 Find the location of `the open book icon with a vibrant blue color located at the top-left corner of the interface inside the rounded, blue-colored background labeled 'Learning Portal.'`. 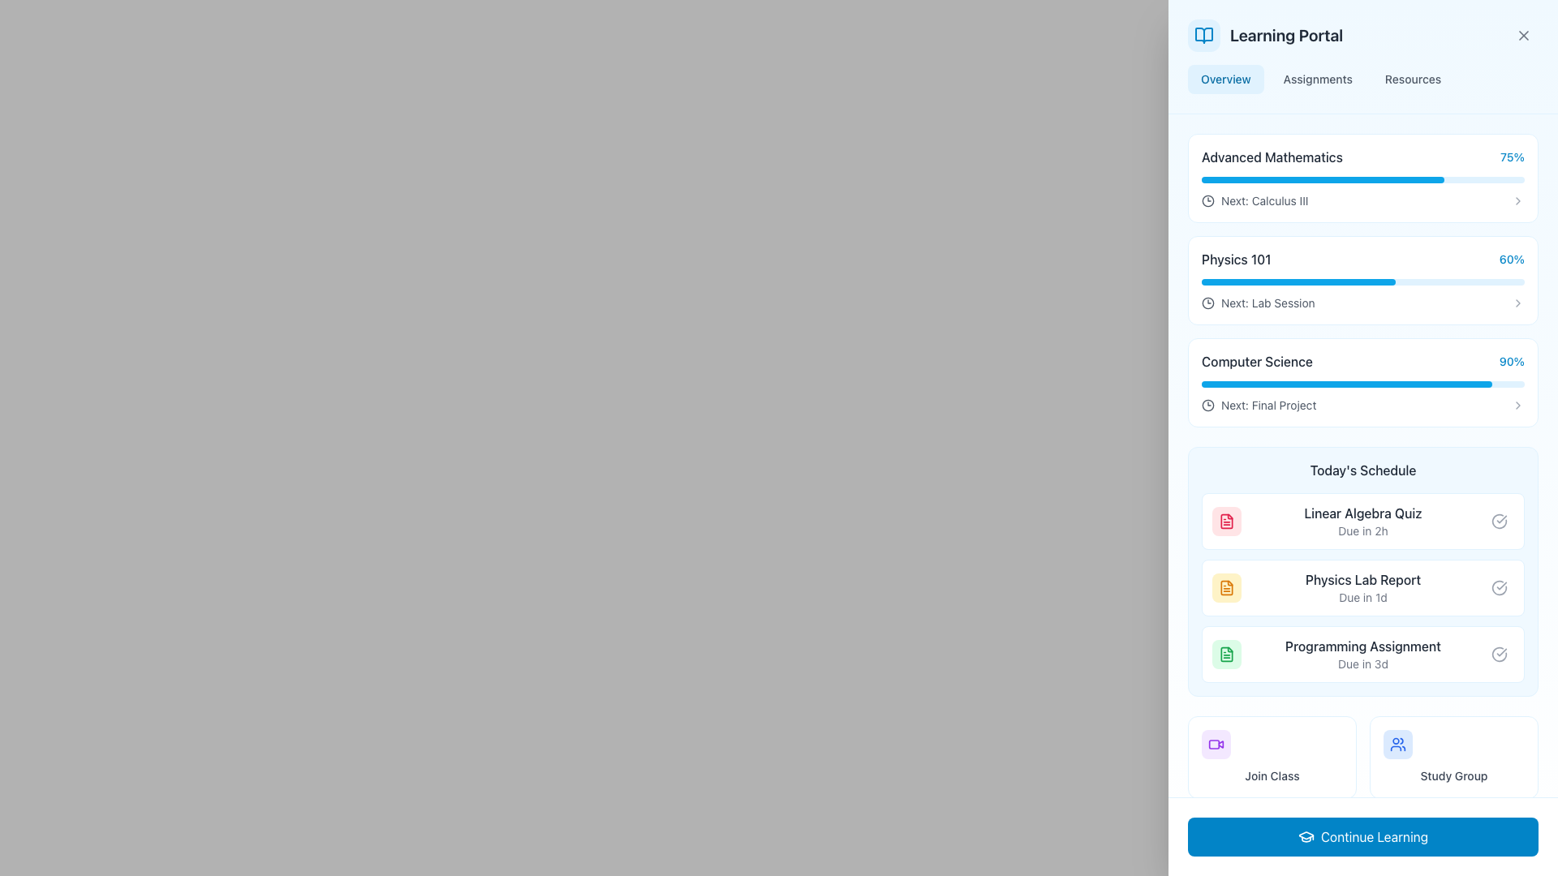

the open book icon with a vibrant blue color located at the top-left corner of the interface inside the rounded, blue-colored background labeled 'Learning Portal.' is located at coordinates (1203, 35).